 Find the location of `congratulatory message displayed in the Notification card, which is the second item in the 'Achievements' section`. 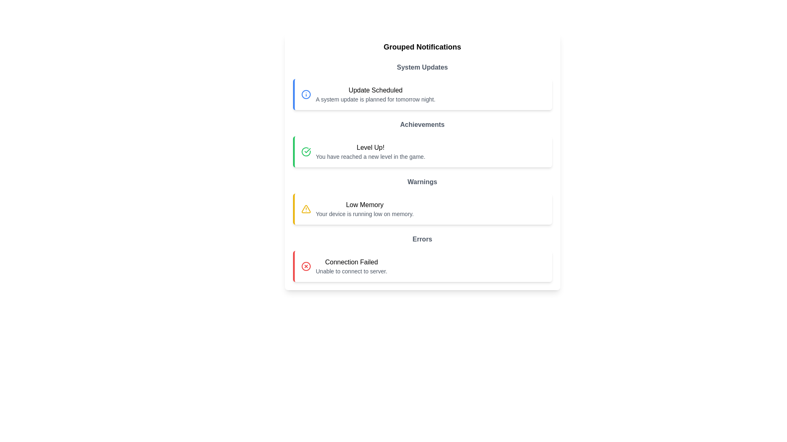

congratulatory message displayed in the Notification card, which is the second item in the 'Achievements' section is located at coordinates (422, 151).